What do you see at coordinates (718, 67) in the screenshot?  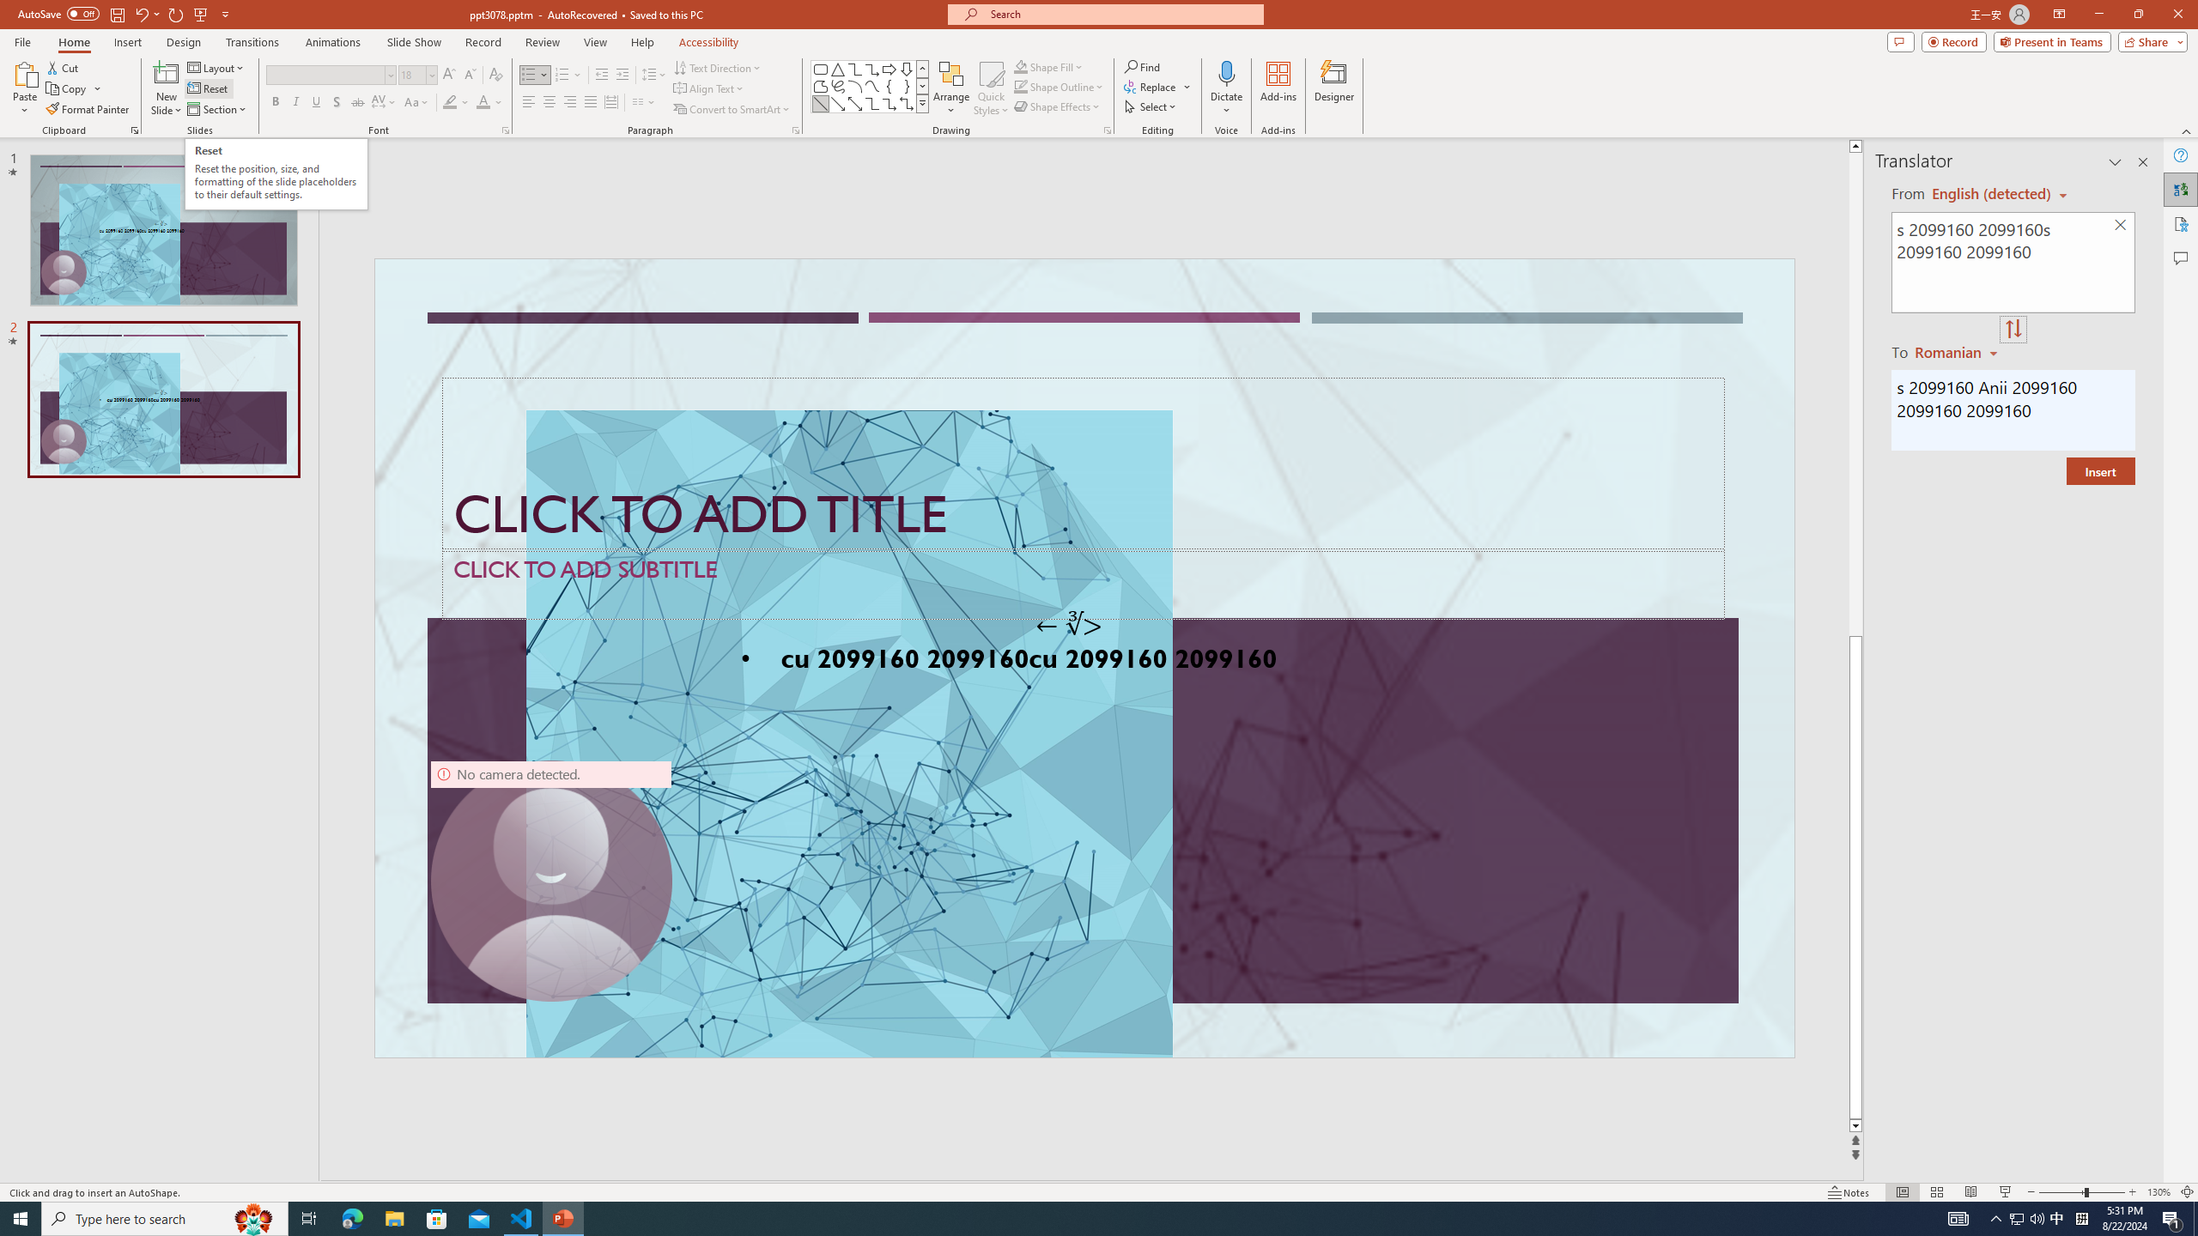 I see `'Text Direction'` at bounding box center [718, 67].